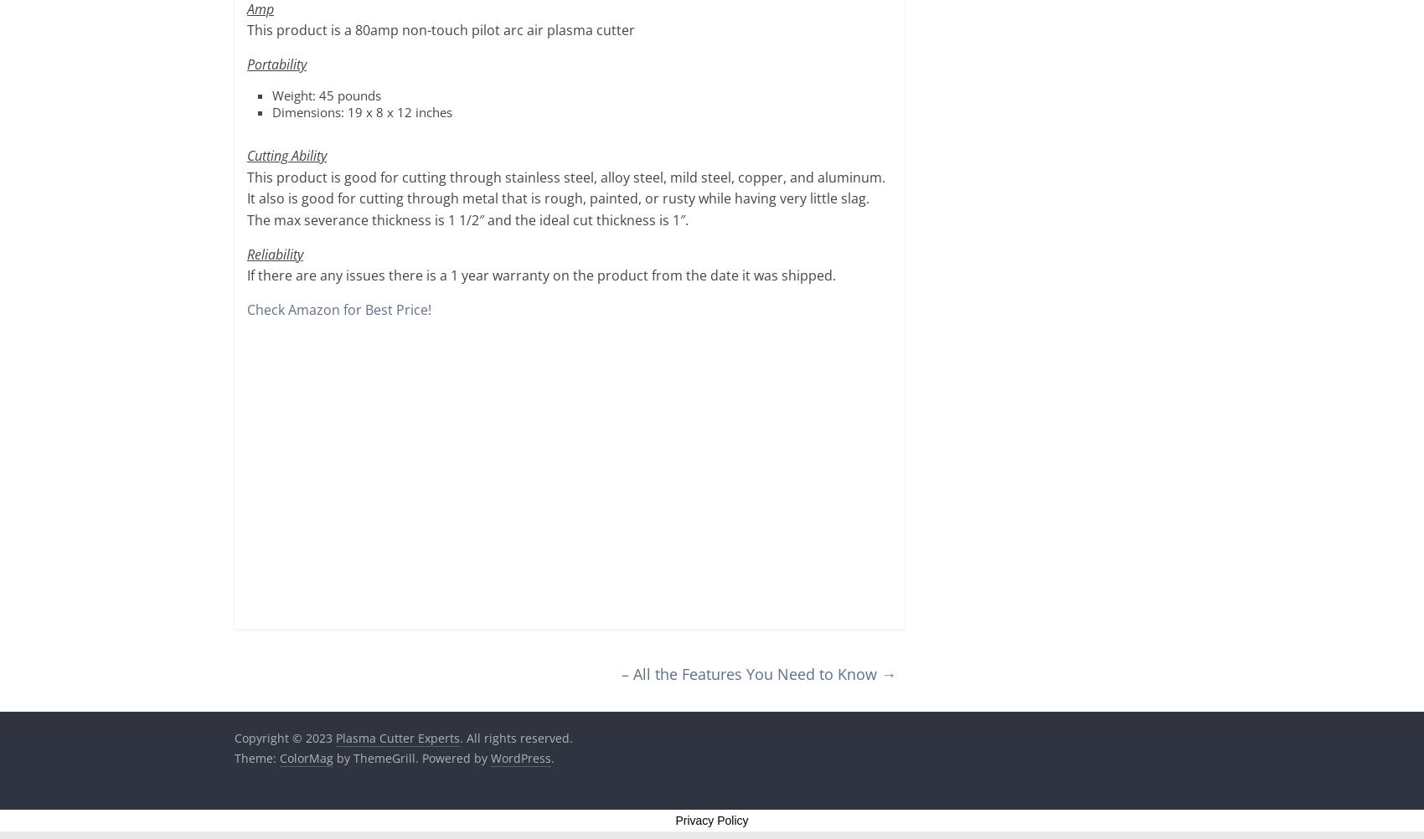  I want to click on 'Portability', so click(276, 63).